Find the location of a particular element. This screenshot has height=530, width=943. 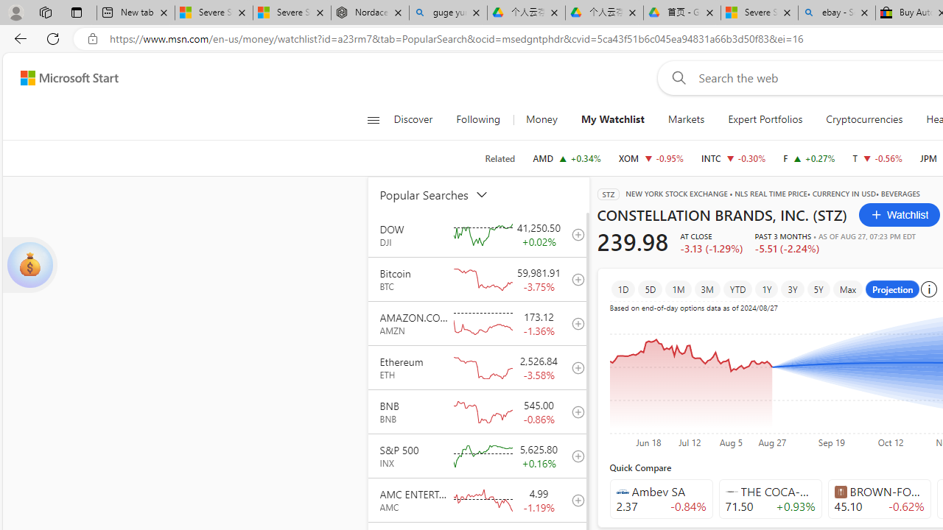

'1Y' is located at coordinates (766, 289).